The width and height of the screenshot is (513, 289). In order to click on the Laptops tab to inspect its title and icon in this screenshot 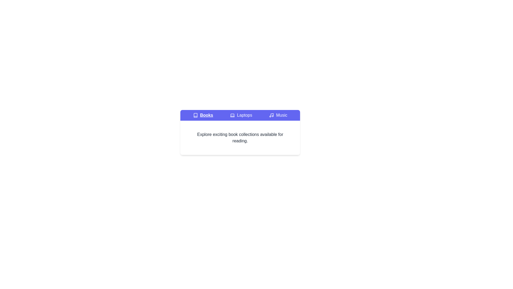, I will do `click(241, 115)`.